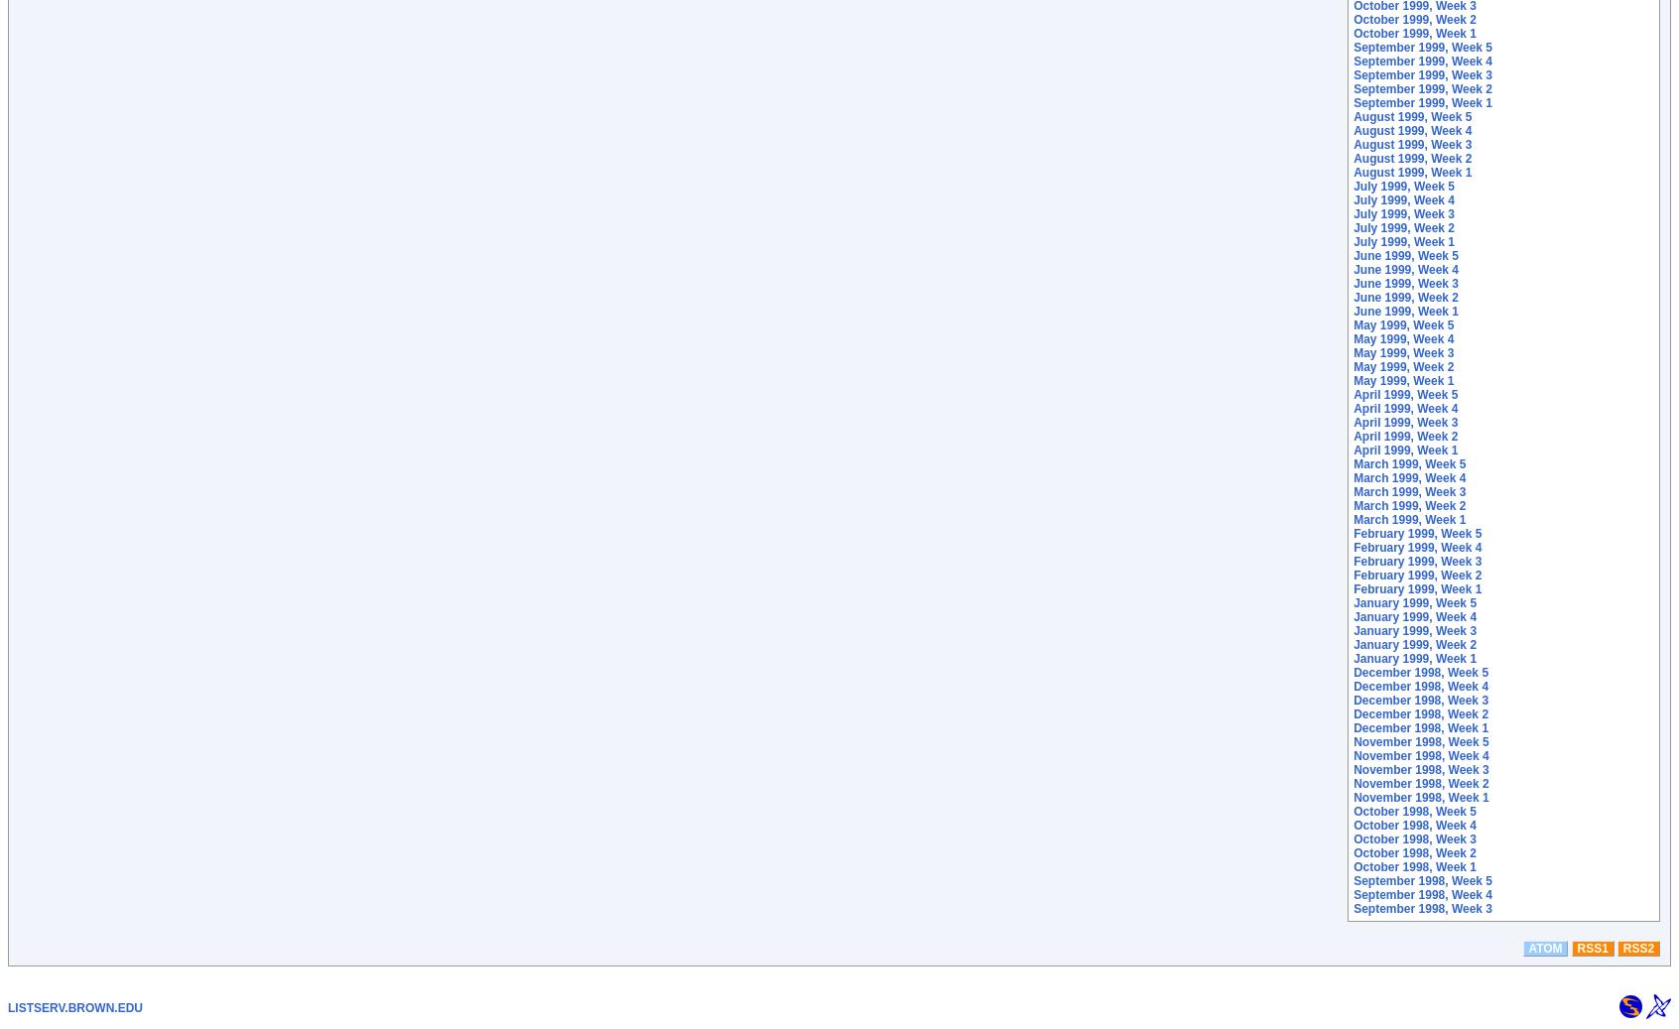 The image size is (1679, 1029). Describe the element at coordinates (1414, 616) in the screenshot. I see `'January 1999, Week 4'` at that location.